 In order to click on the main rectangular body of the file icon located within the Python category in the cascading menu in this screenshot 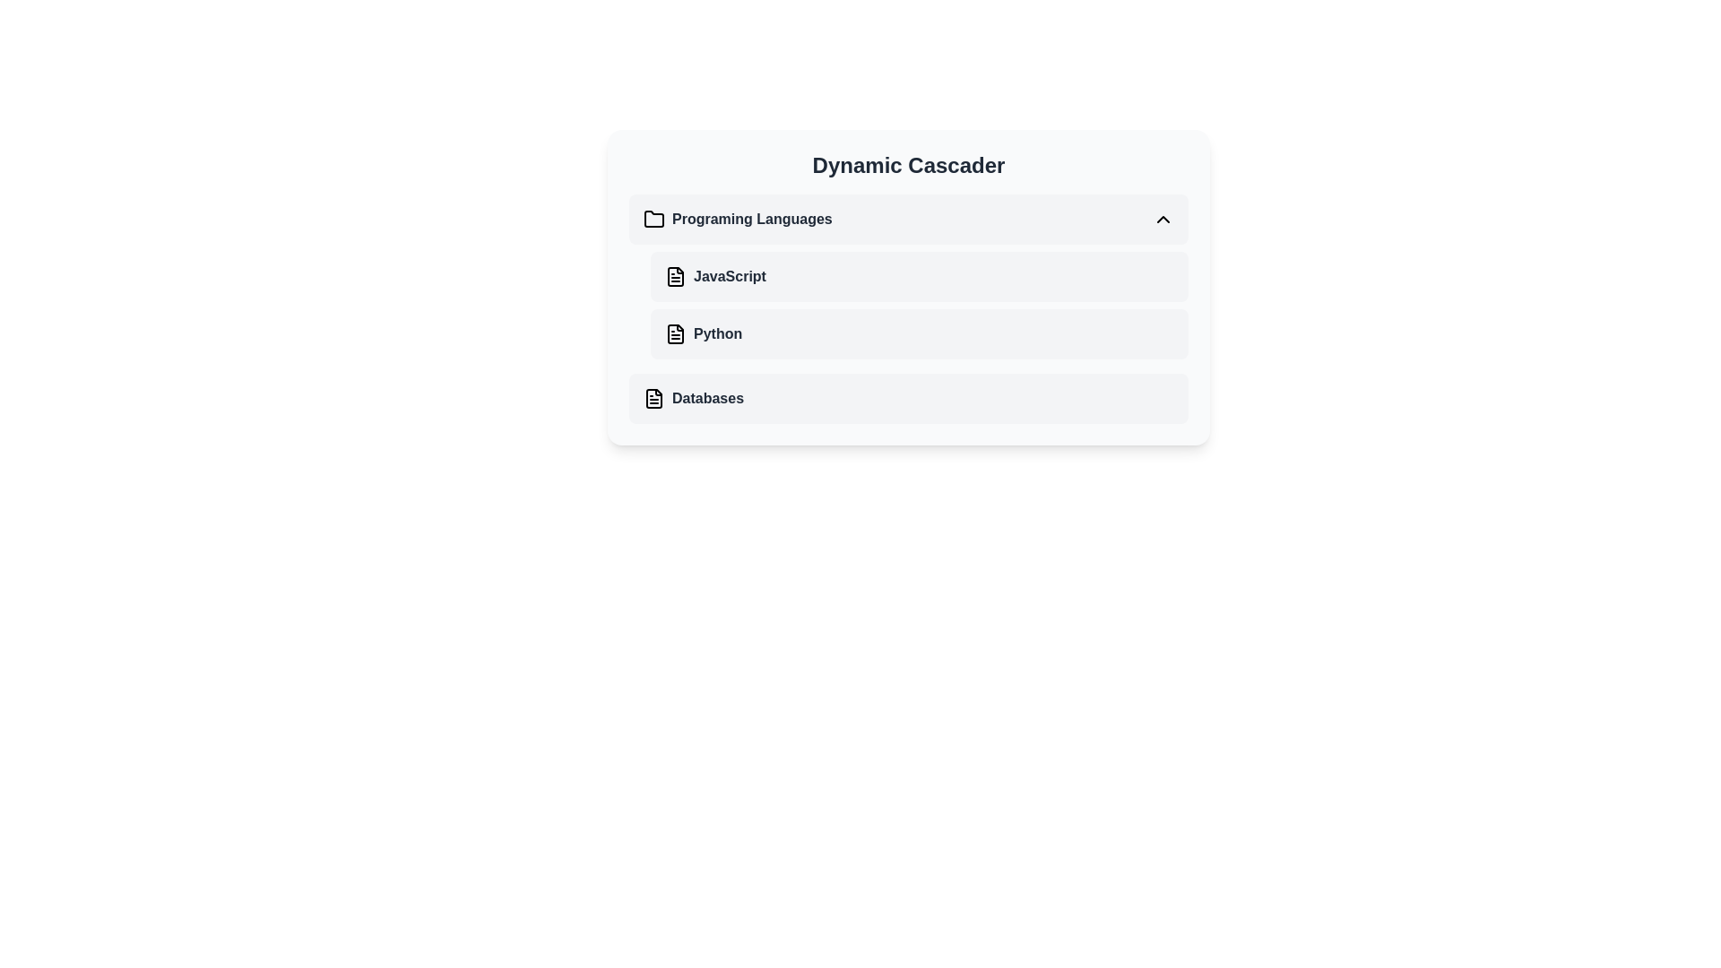, I will do `click(674, 334)`.